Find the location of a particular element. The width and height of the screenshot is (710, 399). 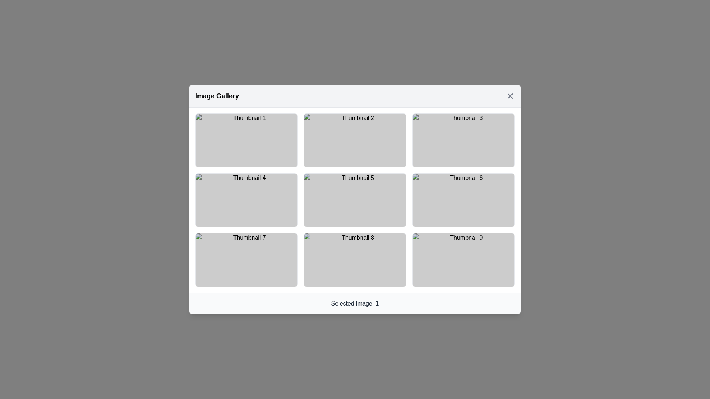

the text label displaying 'Selected Image: 1', which is styled with a light gray background and located at the bottom of the Image Gallery dialog box is located at coordinates (355, 303).